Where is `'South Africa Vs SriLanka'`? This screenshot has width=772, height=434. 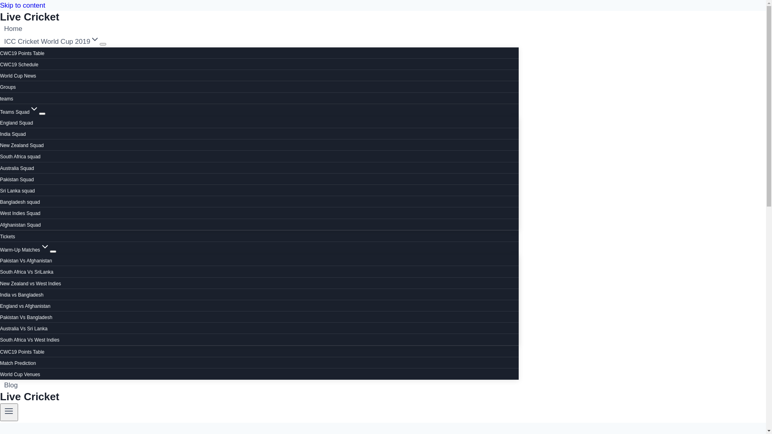
'South Africa Vs SriLanka' is located at coordinates (27, 272).